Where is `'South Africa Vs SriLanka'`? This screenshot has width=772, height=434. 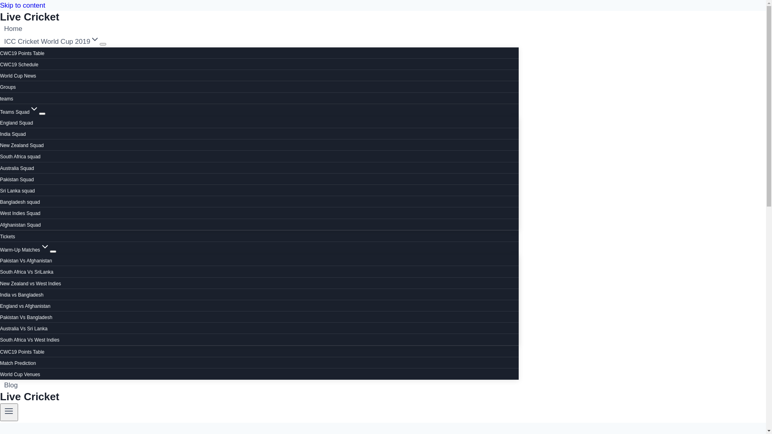
'South Africa Vs SriLanka' is located at coordinates (27, 272).